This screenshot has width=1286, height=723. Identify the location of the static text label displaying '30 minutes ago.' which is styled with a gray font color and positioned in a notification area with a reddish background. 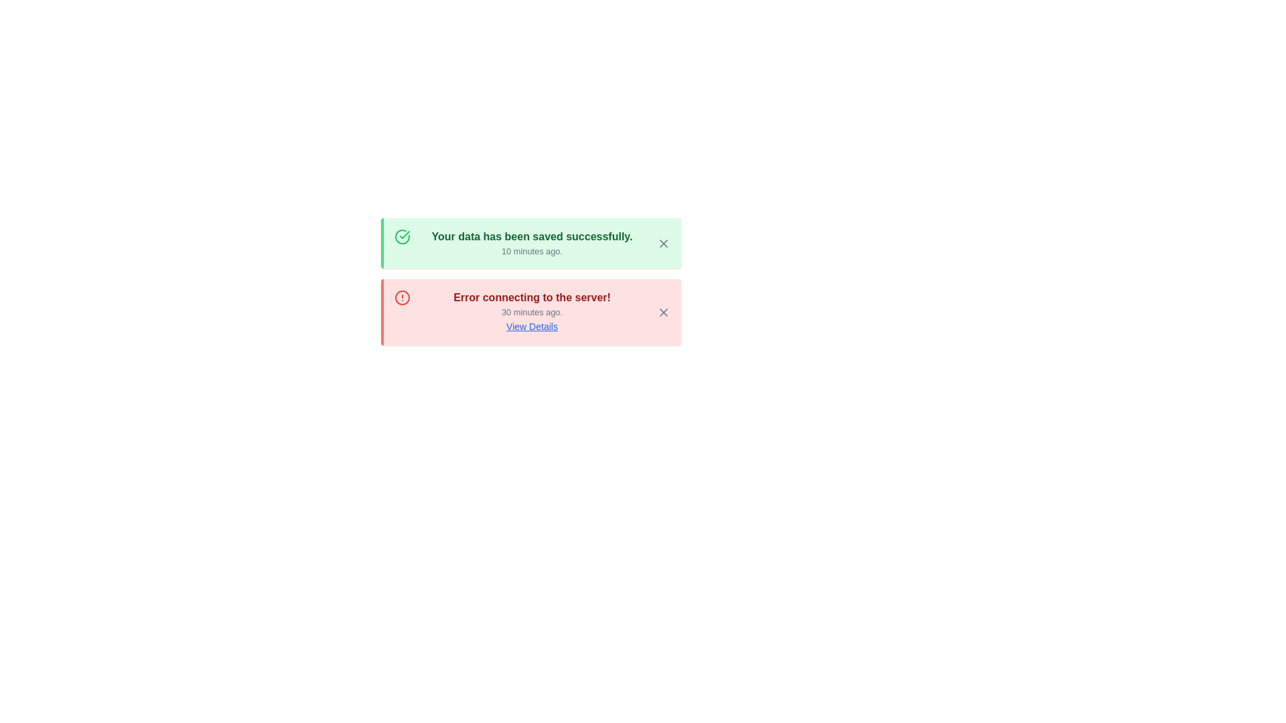
(531, 312).